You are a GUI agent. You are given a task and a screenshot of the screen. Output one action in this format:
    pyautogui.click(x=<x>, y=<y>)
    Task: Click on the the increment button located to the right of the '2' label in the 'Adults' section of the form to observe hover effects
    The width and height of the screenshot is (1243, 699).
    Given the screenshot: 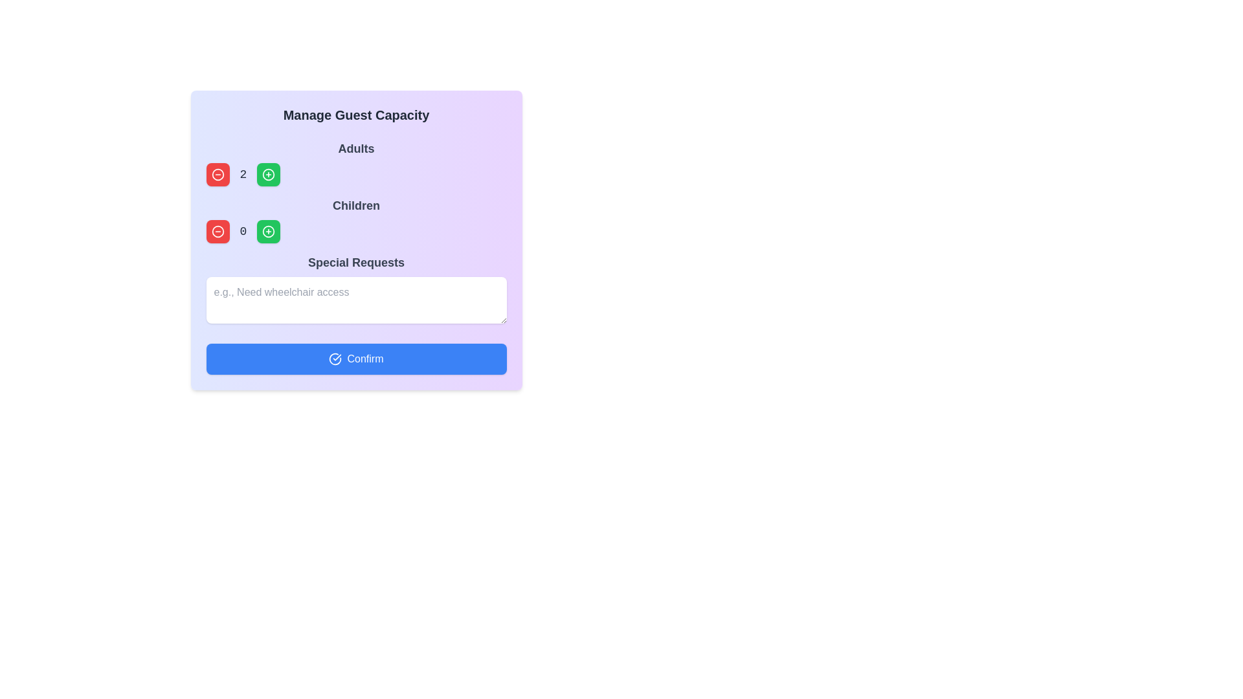 What is the action you would take?
    pyautogui.click(x=268, y=175)
    